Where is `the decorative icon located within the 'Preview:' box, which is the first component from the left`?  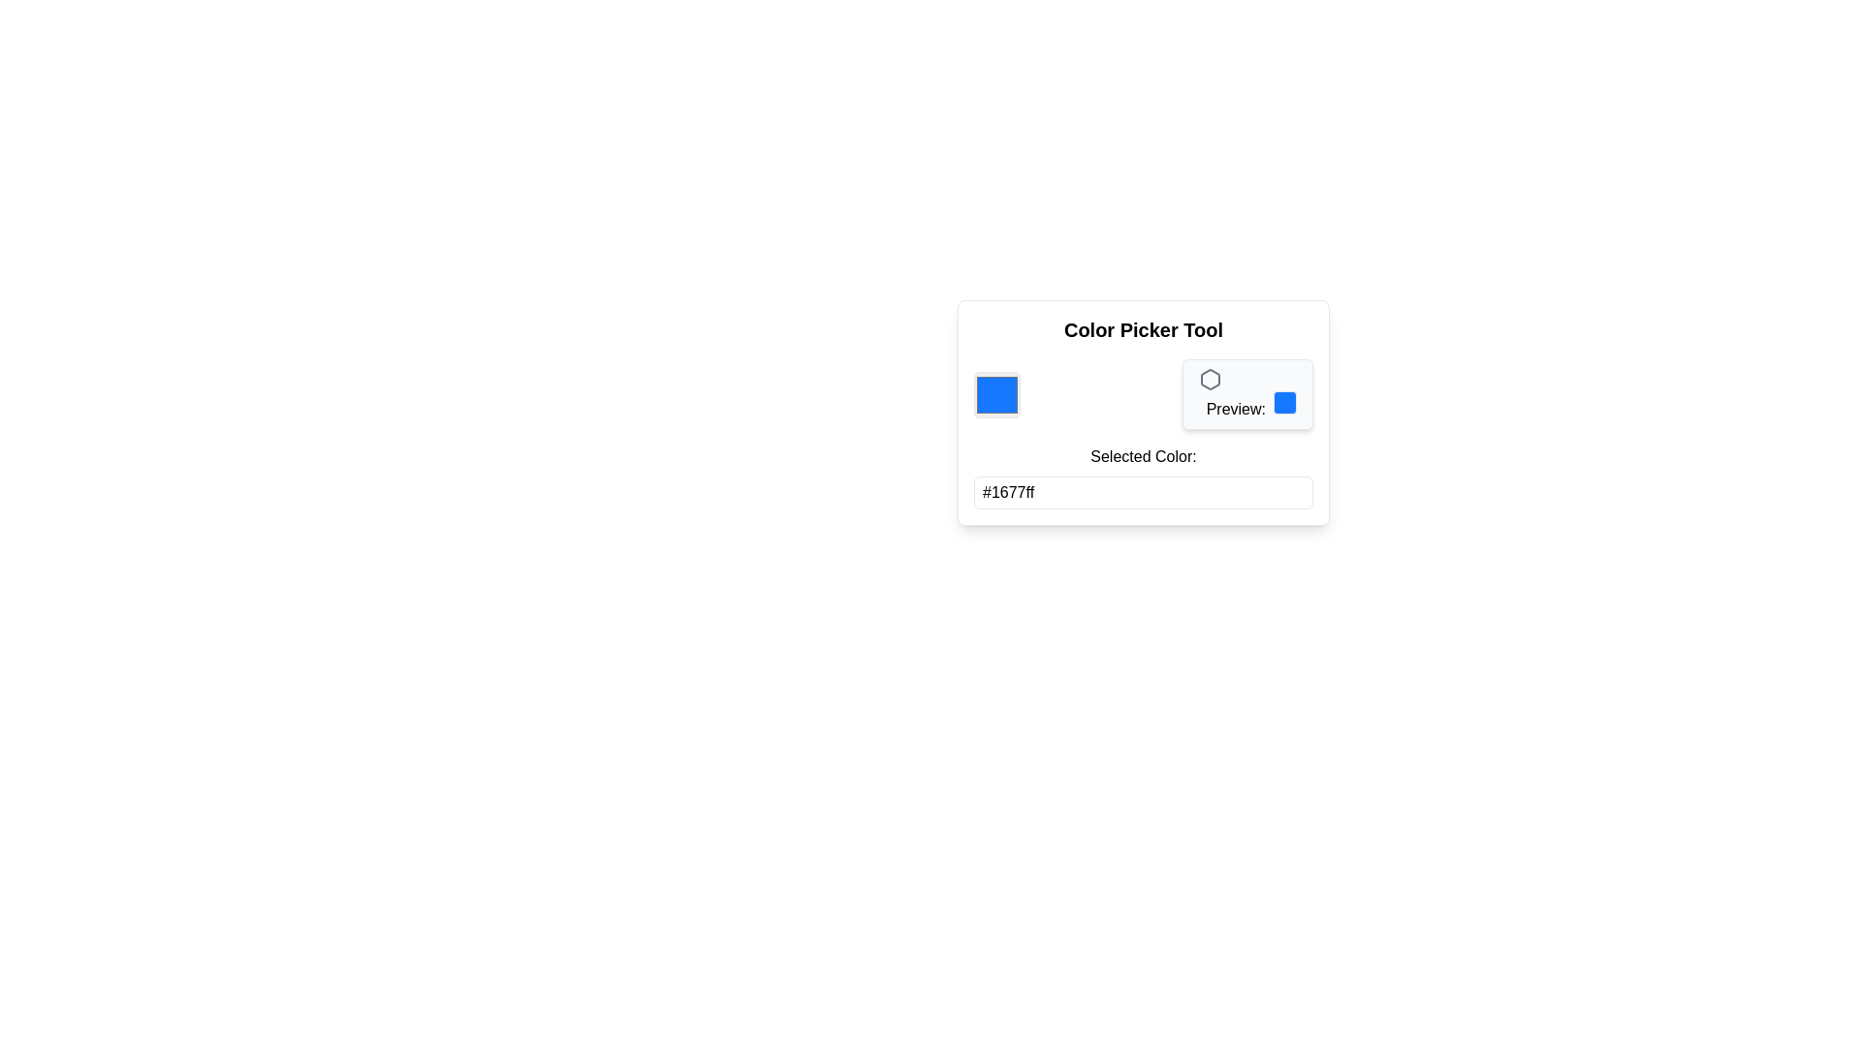 the decorative icon located within the 'Preview:' box, which is the first component from the left is located at coordinates (1209, 380).